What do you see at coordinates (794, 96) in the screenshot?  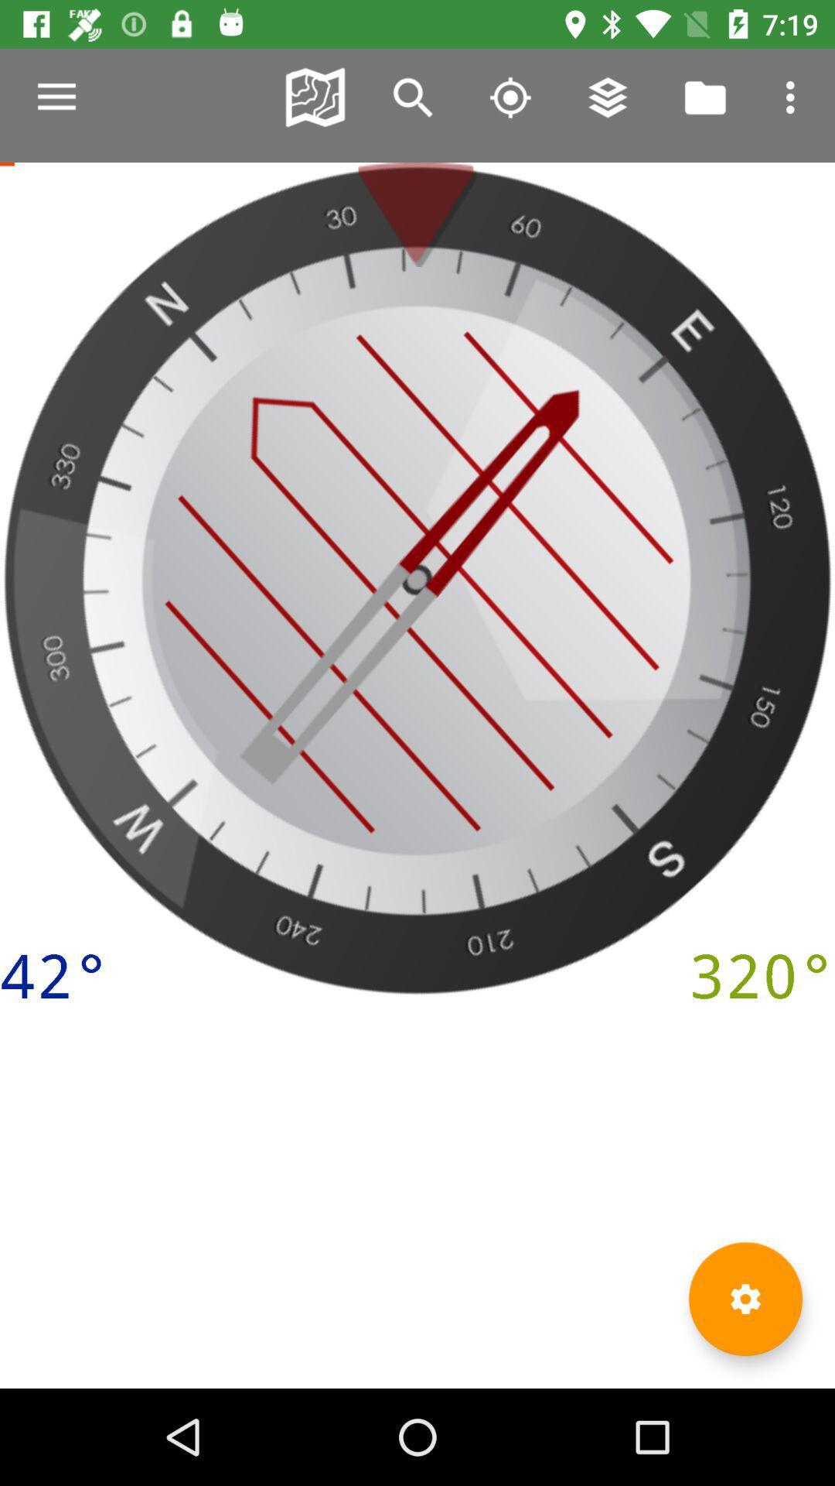 I see `the first option from the right top` at bounding box center [794, 96].